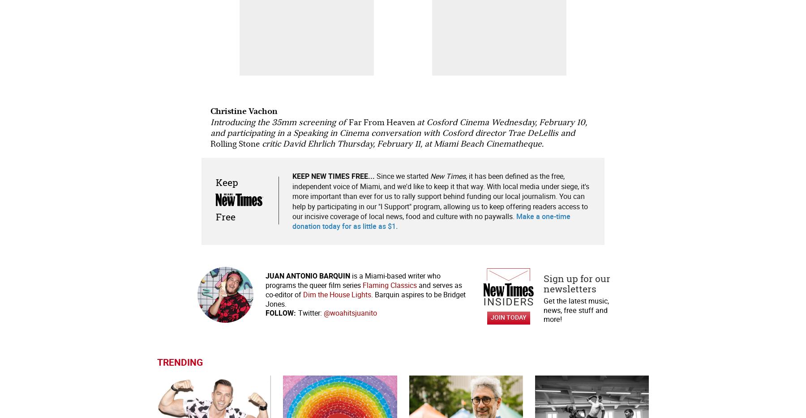 This screenshot has width=806, height=418. I want to click on 'Sign up for our newsletters', so click(577, 283).